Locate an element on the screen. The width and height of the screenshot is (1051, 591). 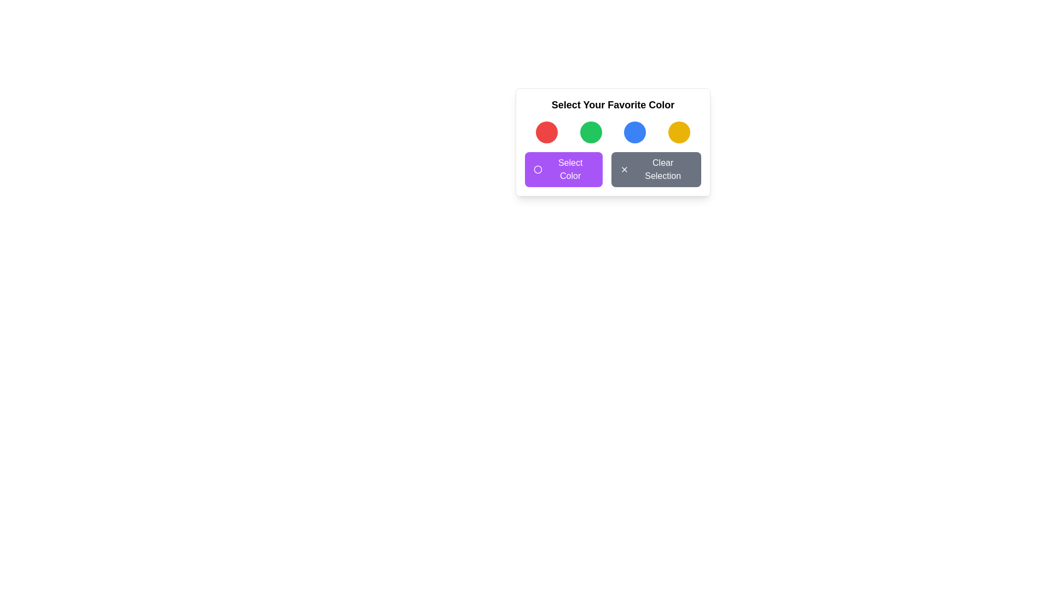
the circular button with a yellow background, which is the fourth button in a horizontal sequence of four circular buttons is located at coordinates (678, 132).